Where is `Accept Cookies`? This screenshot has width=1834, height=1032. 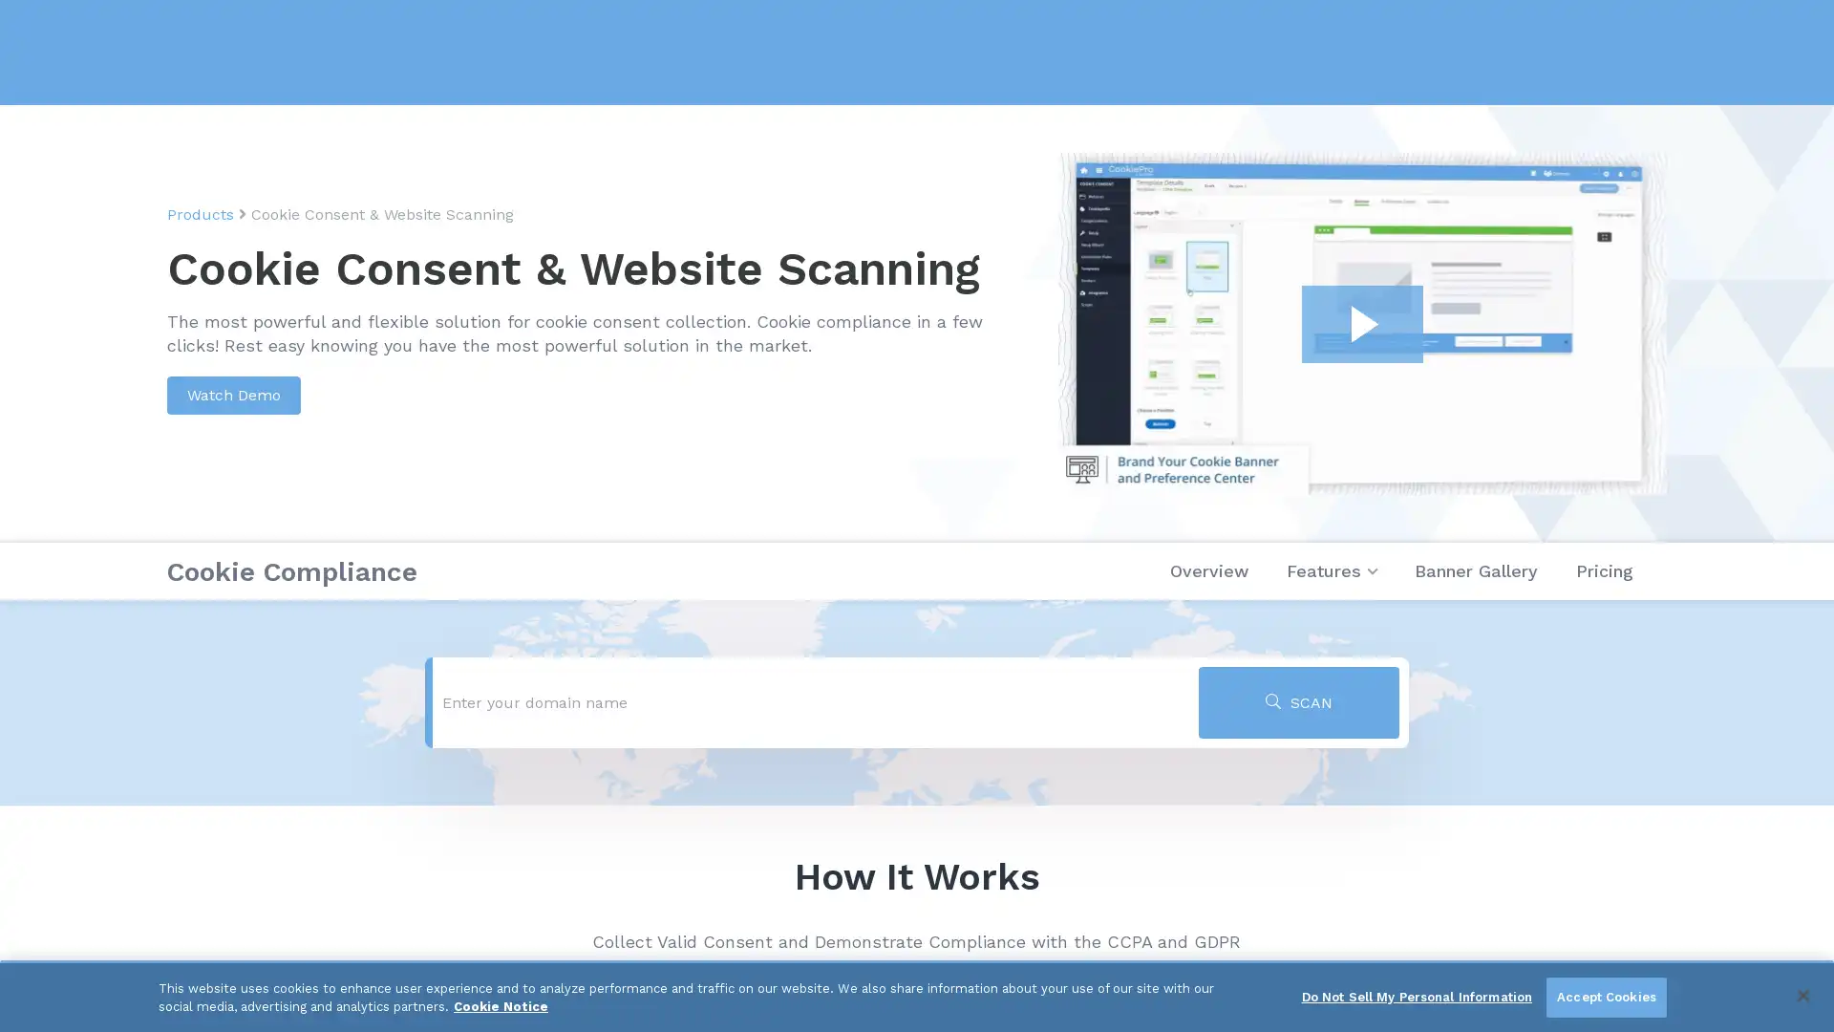
Accept Cookies is located at coordinates (1605, 997).